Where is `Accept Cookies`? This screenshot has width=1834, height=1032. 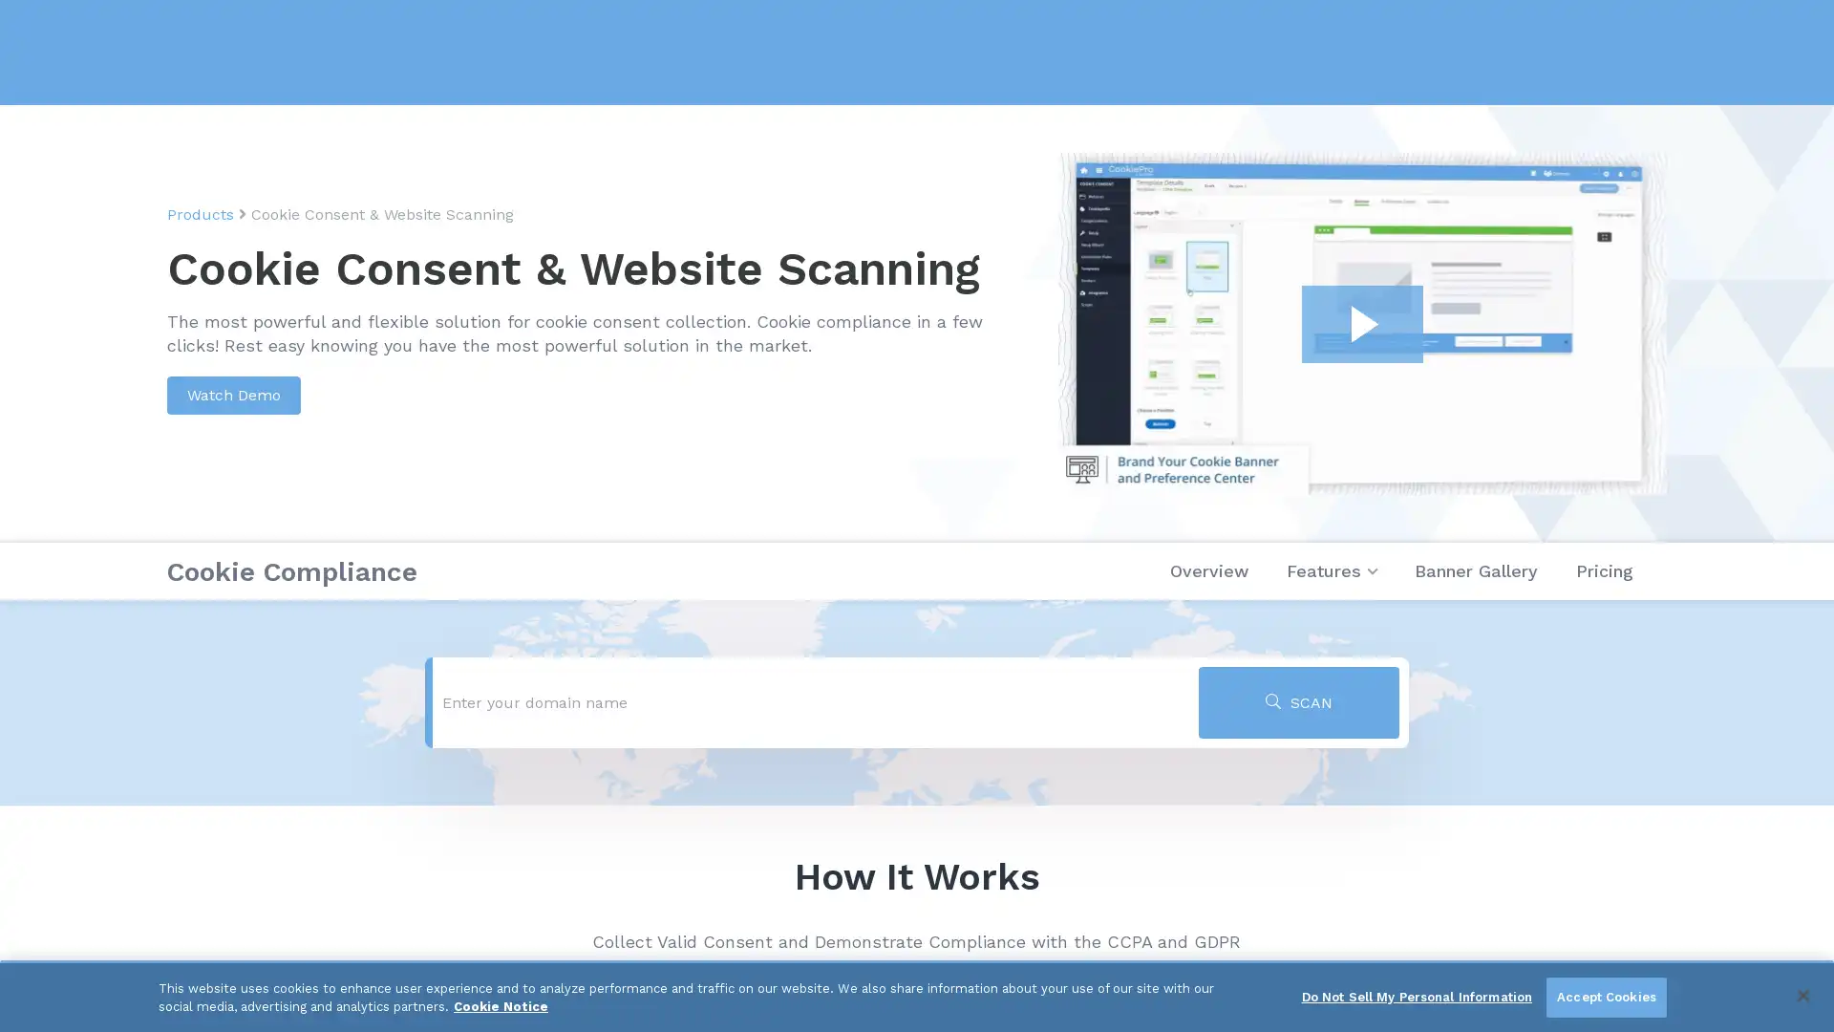
Accept Cookies is located at coordinates (1605, 997).